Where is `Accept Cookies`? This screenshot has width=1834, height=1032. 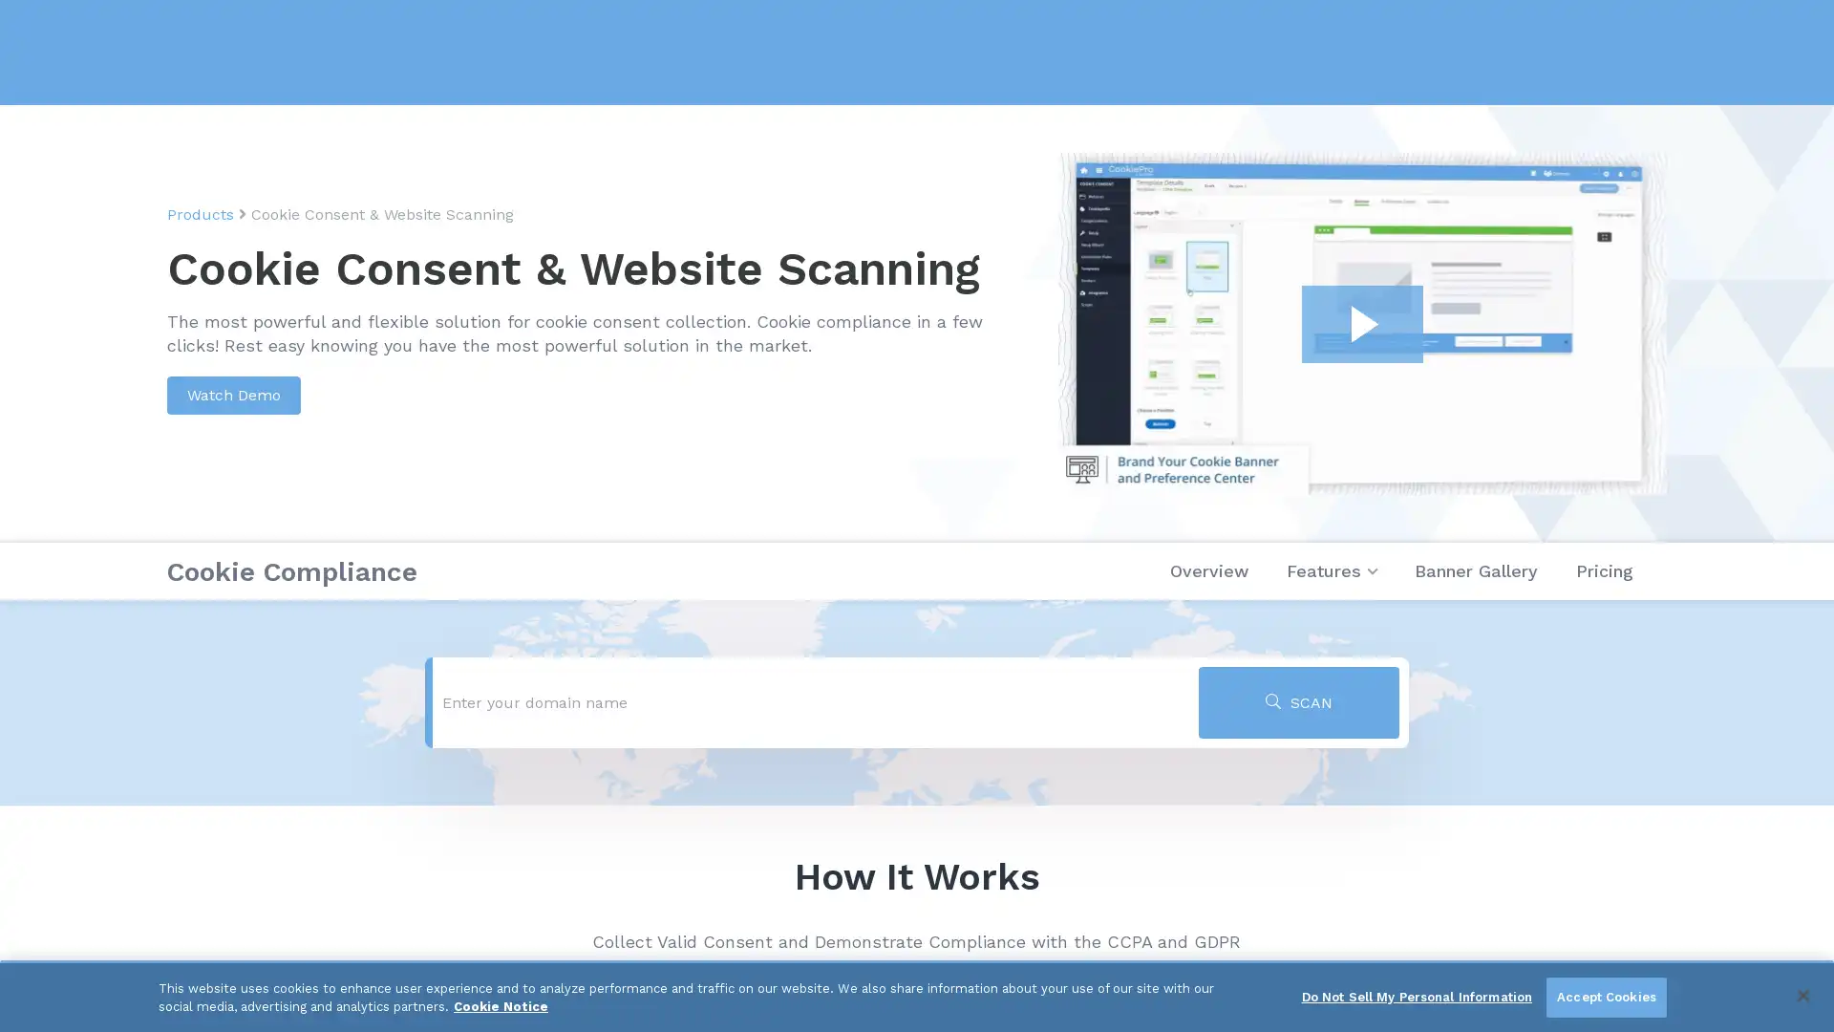
Accept Cookies is located at coordinates (1605, 997).